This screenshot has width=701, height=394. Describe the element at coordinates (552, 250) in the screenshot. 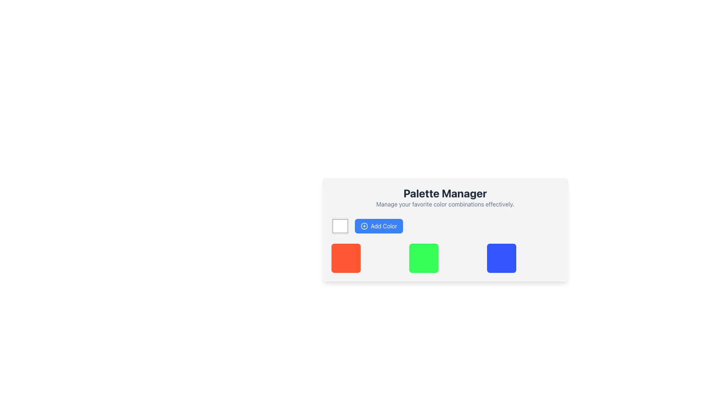

I see `the SVG Circle element representing a close or cancel action, located at the far right end of the bottom row of items in the card` at that location.